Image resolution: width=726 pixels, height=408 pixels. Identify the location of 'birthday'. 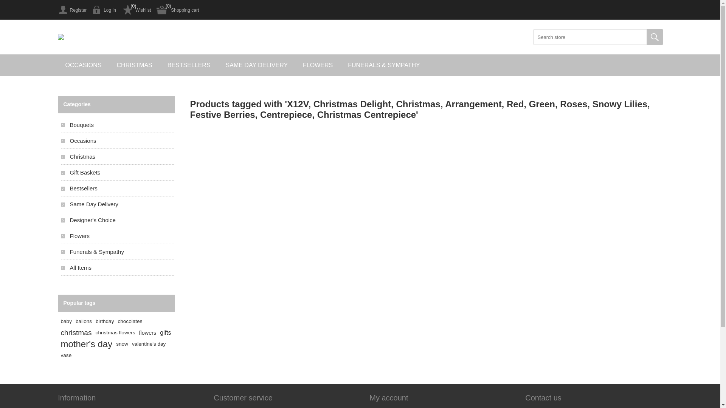
(95, 321).